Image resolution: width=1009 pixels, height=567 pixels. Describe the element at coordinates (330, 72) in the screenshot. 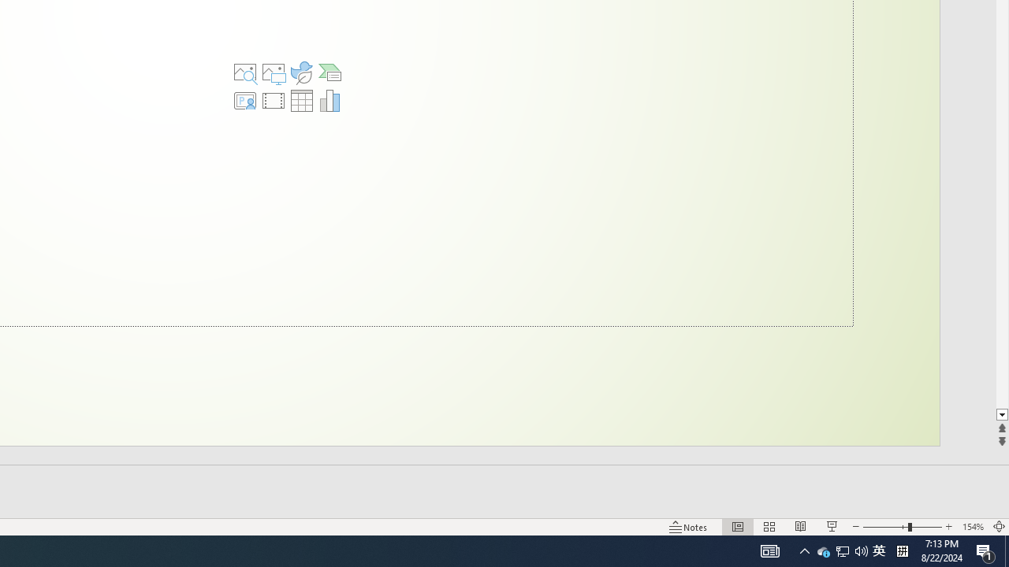

I see `'Insert a SmartArt Graphic'` at that location.